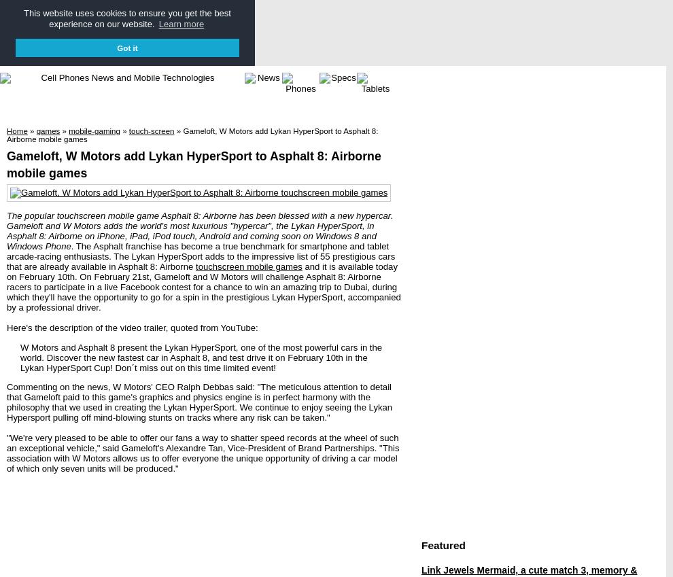 The height and width of the screenshot is (577, 673). Describe the element at coordinates (67, 130) in the screenshot. I see `'mobile-gaming'` at that location.